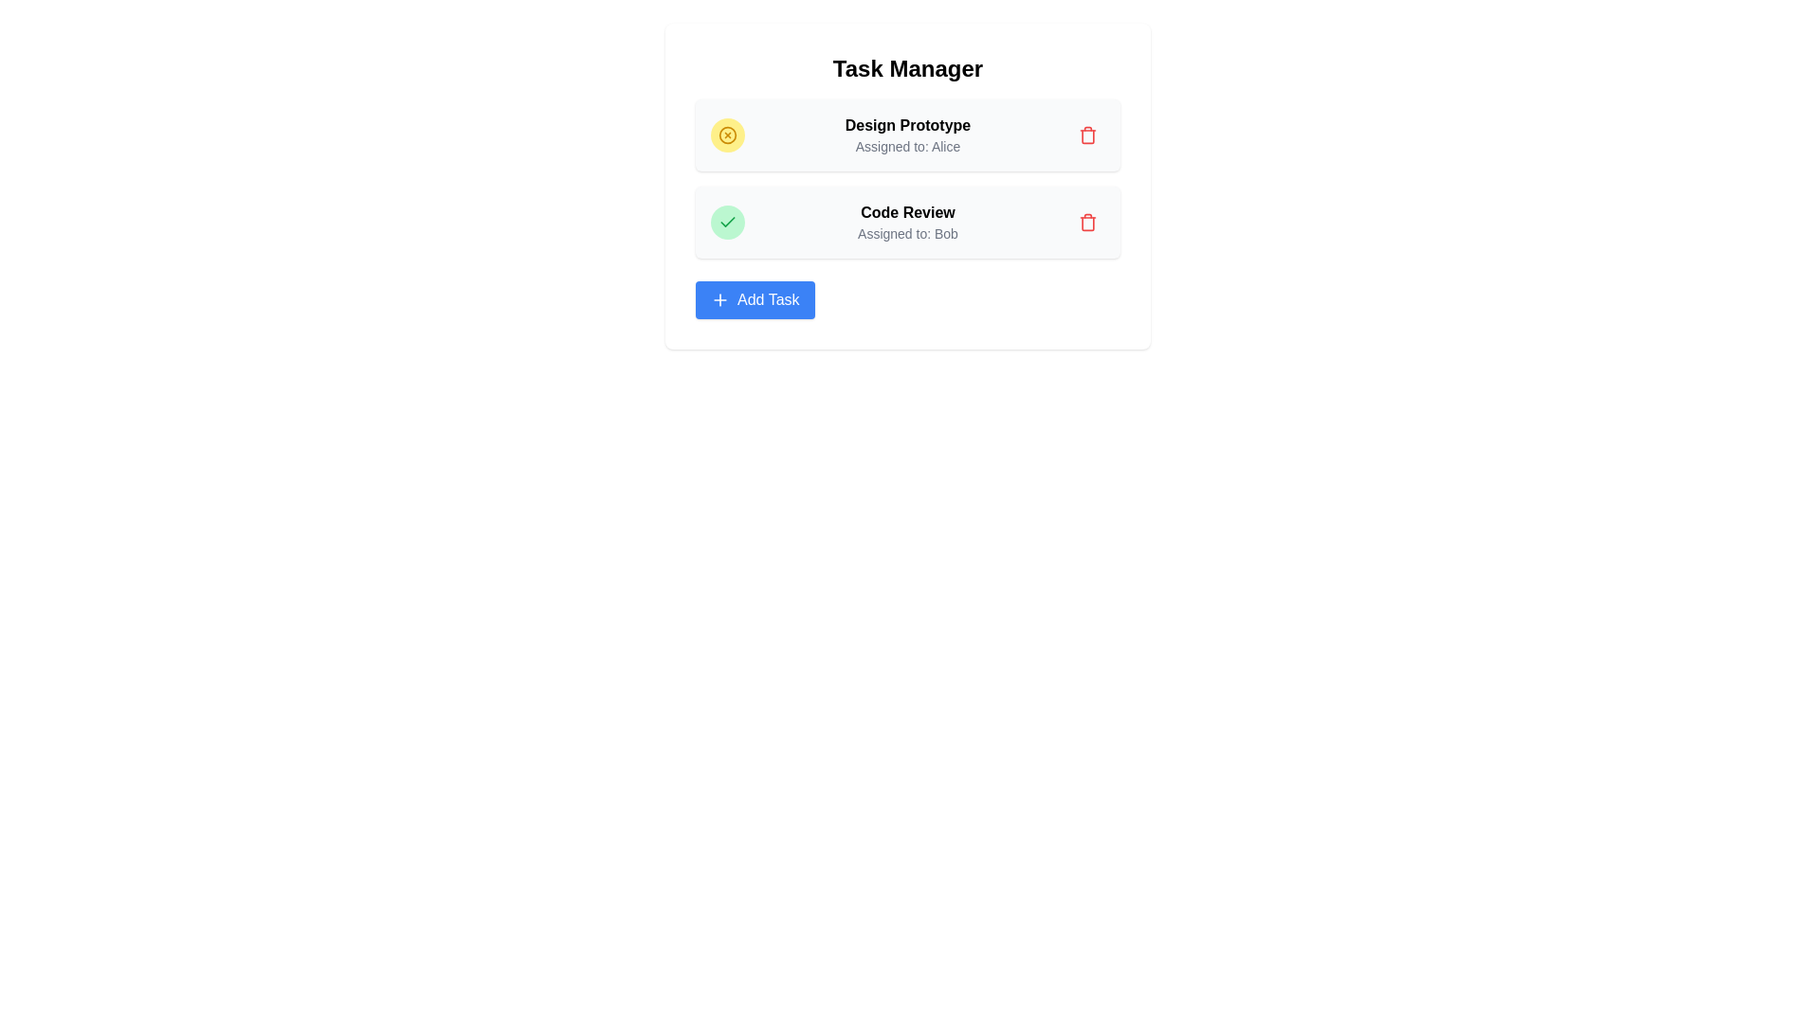 Image resolution: width=1820 pixels, height=1023 pixels. I want to click on the yellow circular icon with a red cross symbol, which is positioned to the left of the 'Design Prototype' task entry in the task list, so click(727, 134).